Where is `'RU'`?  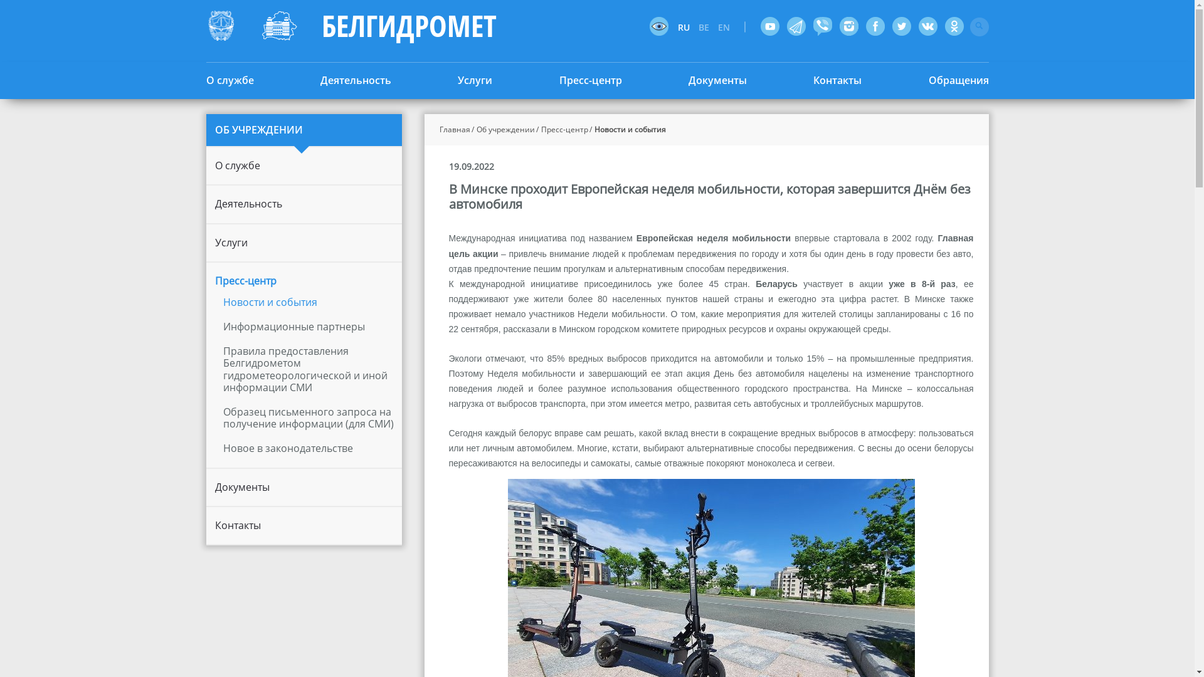 'RU' is located at coordinates (685, 27).